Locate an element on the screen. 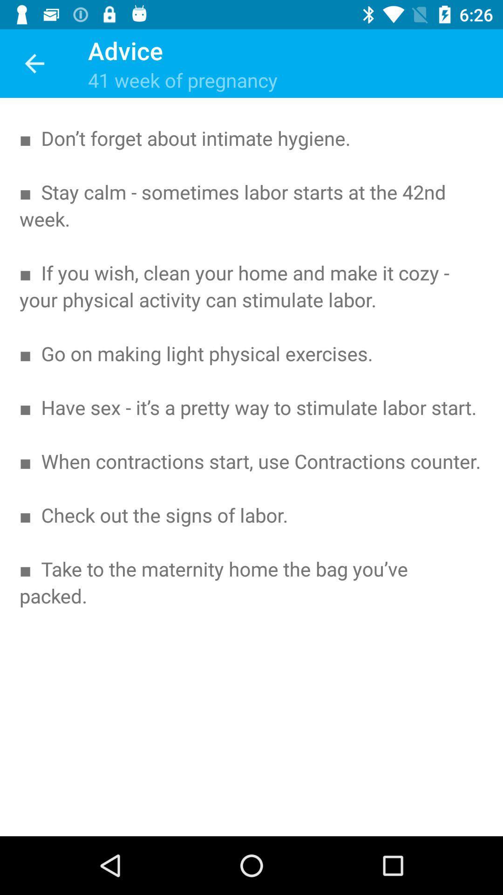 The width and height of the screenshot is (503, 895). the item next to advice icon is located at coordinates (34, 63).